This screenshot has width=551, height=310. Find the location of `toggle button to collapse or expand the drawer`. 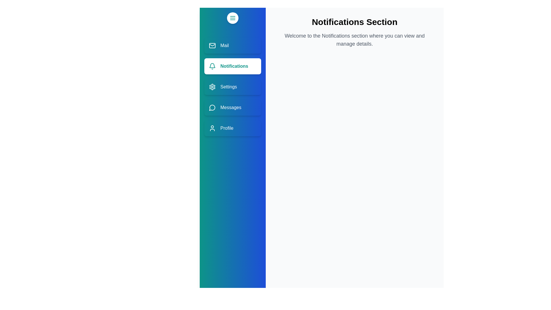

toggle button to collapse or expand the drawer is located at coordinates (232, 18).